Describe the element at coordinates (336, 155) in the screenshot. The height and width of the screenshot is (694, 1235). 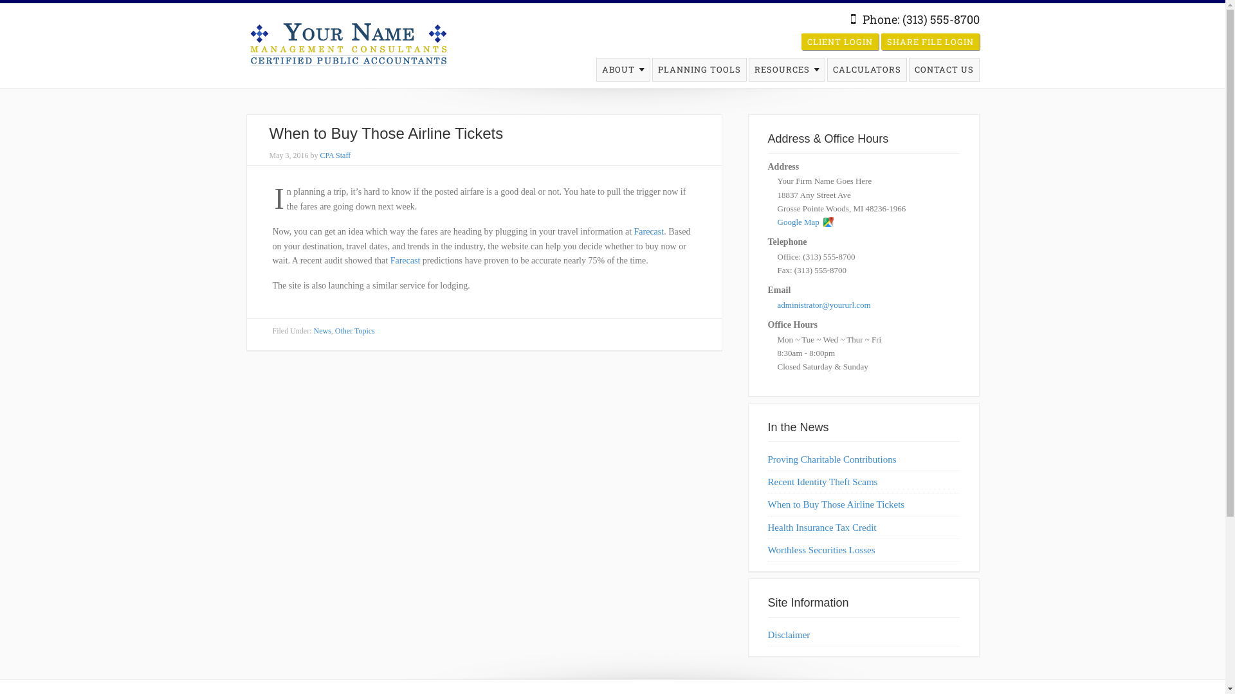
I see `'CPA Staff'` at that location.